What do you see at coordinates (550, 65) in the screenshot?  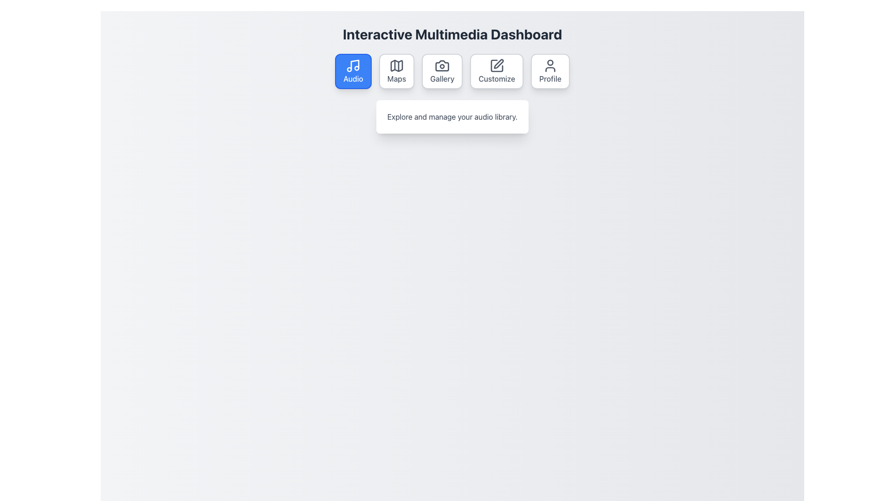 I see `the 'Profile' button by clicking the user profile SVG icon, which is a circular head and shoulders outline located at the top-right of the interface` at bounding box center [550, 65].